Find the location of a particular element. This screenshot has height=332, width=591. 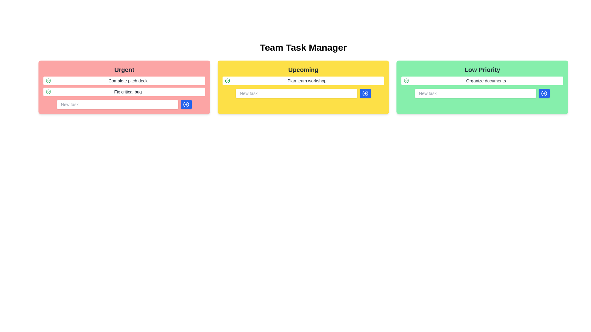

the textual list item element containing the lines 'Complete pitch deck' and 'Fix critical bug' in the 'Urgent' section, which has a red background and is the second grouping of tasks is located at coordinates (124, 86).